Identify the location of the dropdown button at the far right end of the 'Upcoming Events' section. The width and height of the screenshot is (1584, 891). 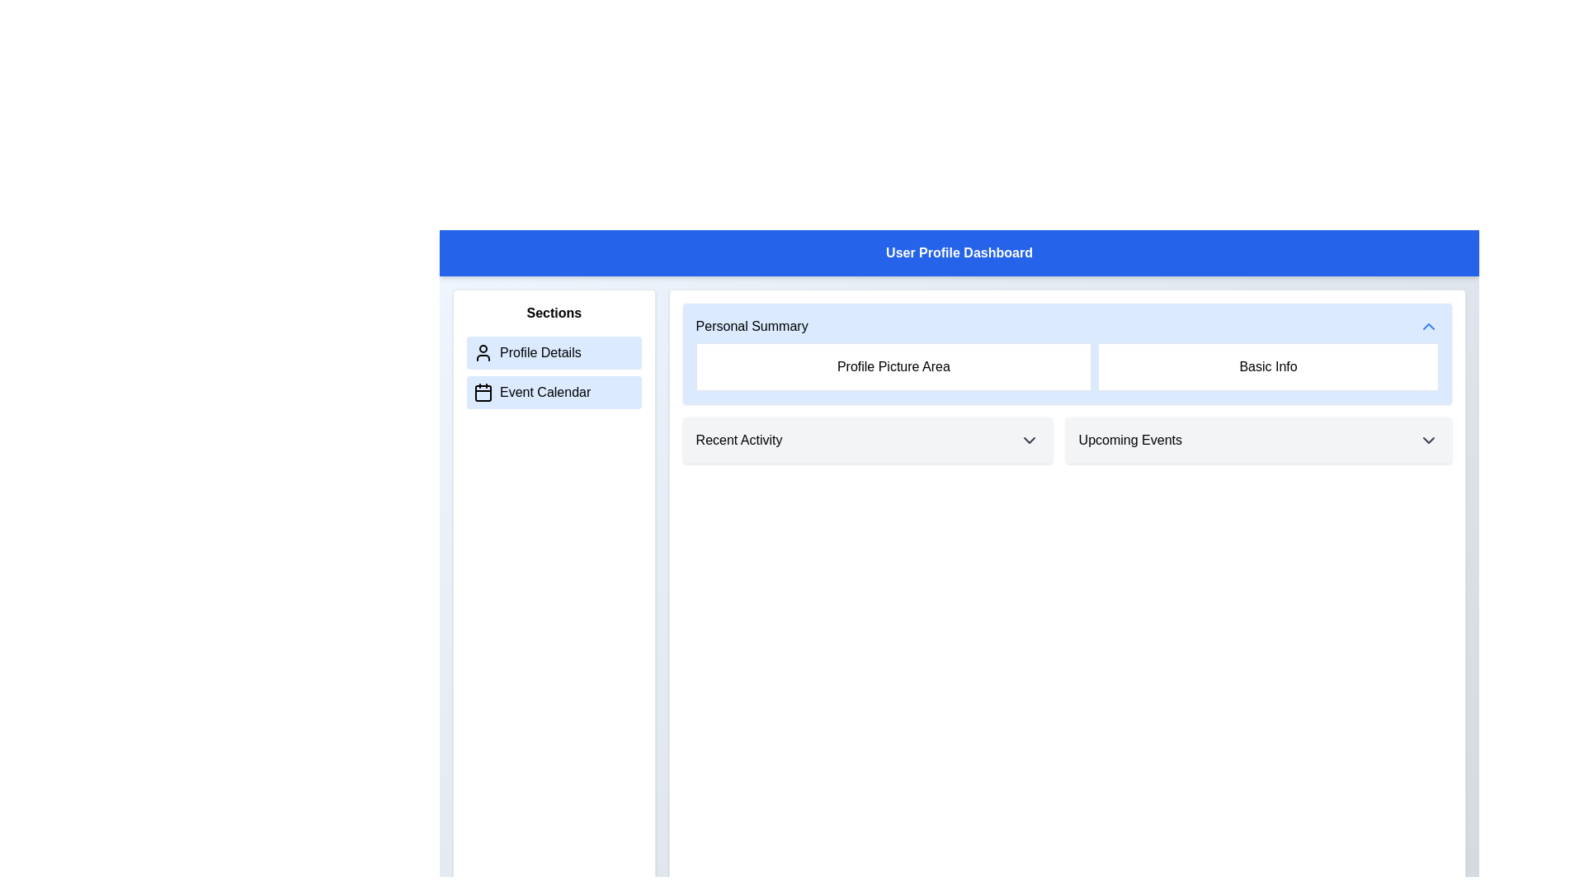
(1428, 439).